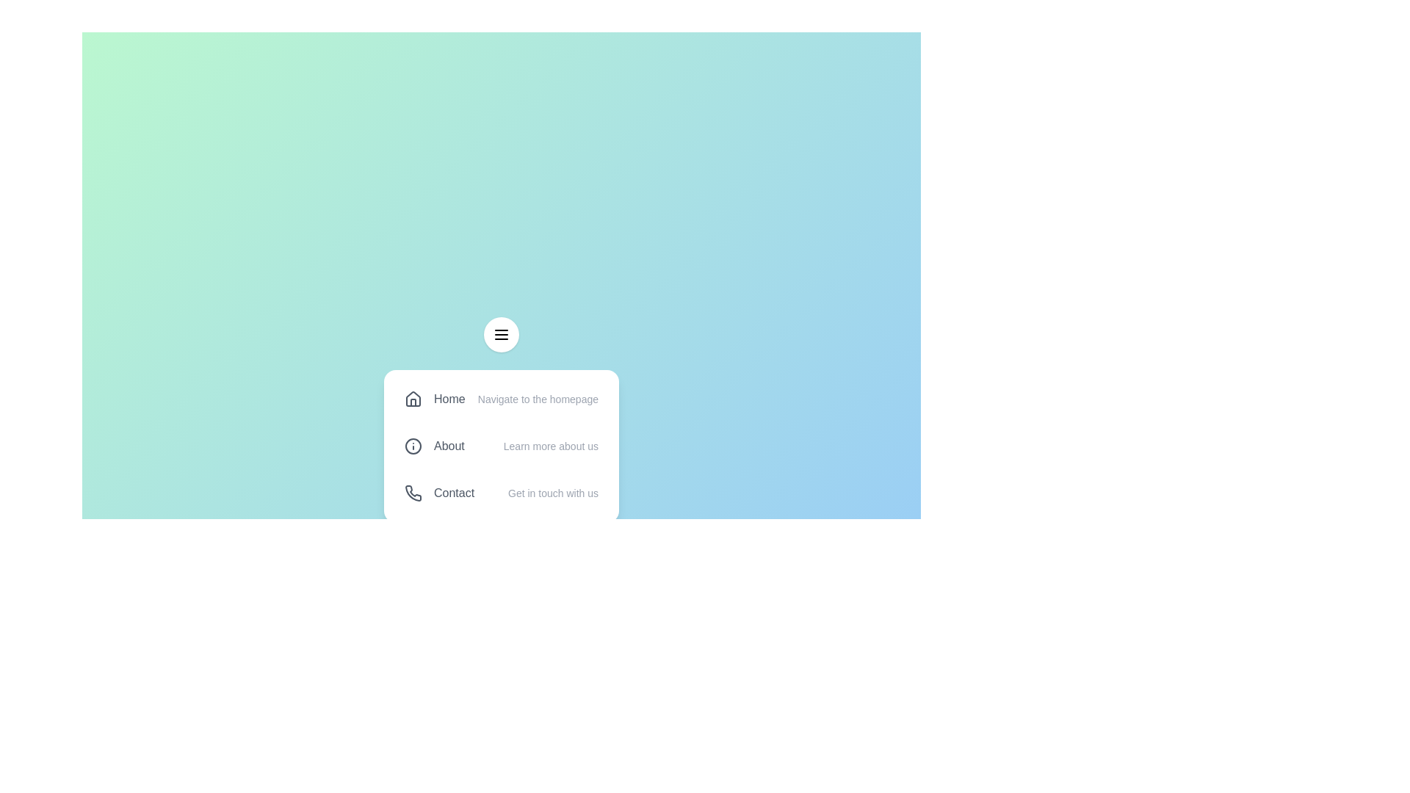 The image size is (1410, 793). What do you see at coordinates (501, 334) in the screenshot?
I see `the menu toggle button to toggle the menu visibility` at bounding box center [501, 334].